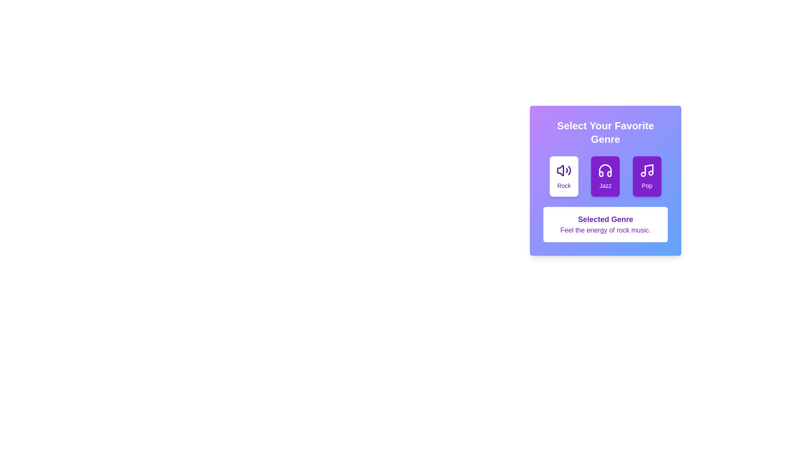  Describe the element at coordinates (605, 176) in the screenshot. I see `the music genre by clicking on the button labeled Jazz` at that location.